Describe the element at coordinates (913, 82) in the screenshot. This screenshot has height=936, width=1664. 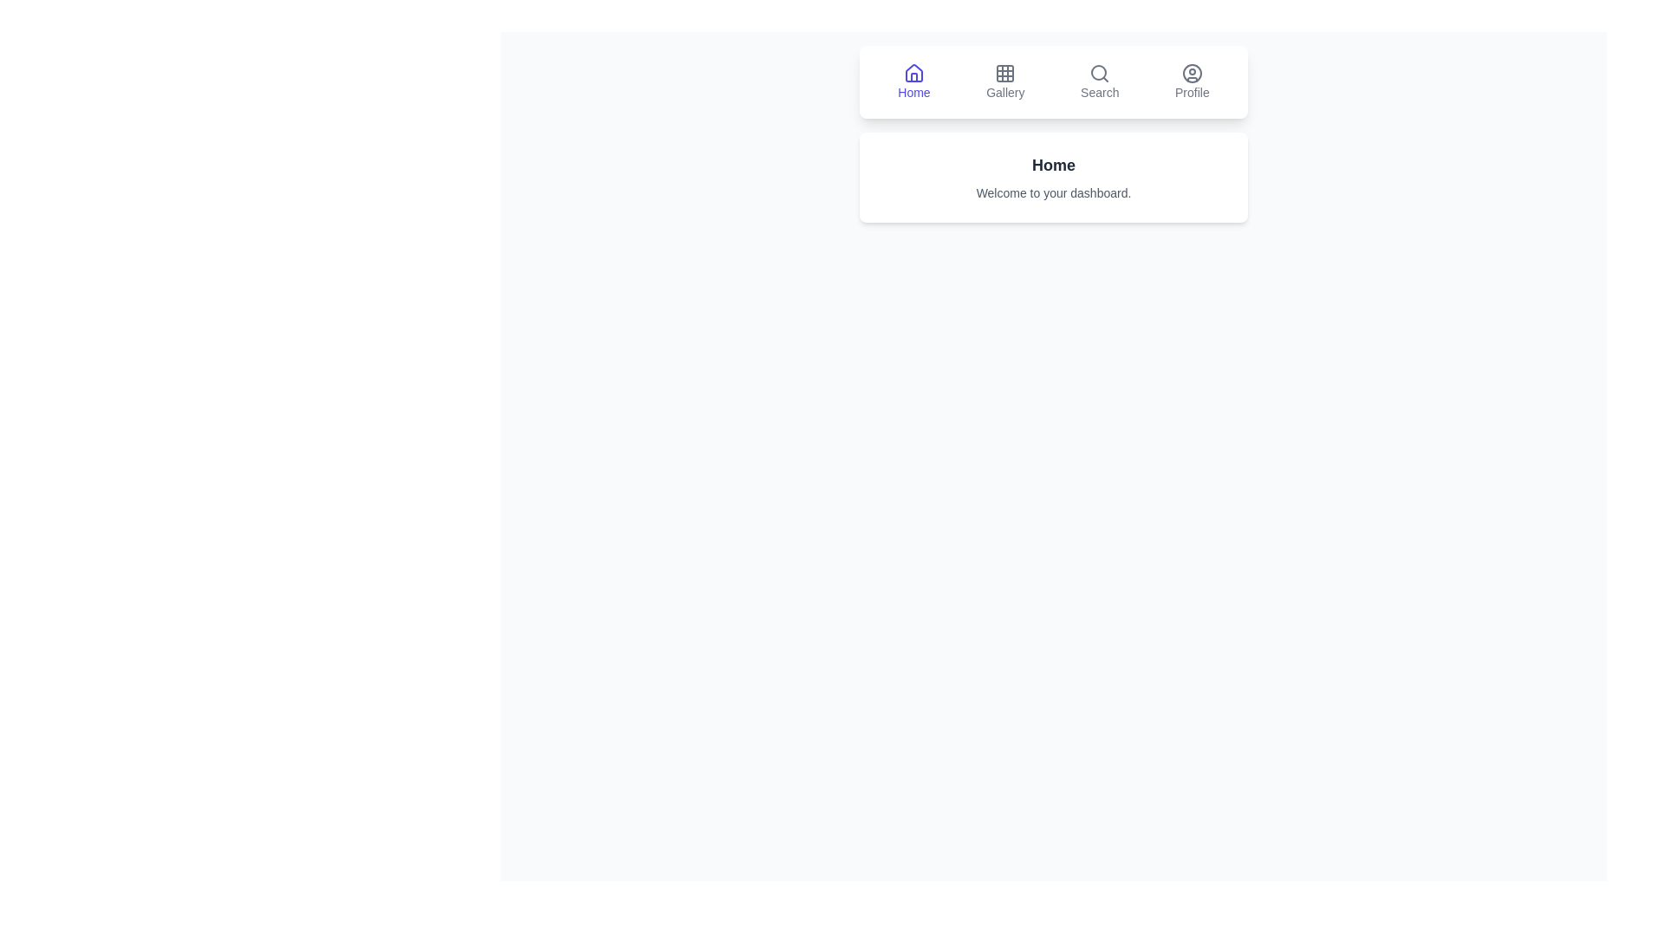
I see `the icon labeled Home in the navigation bar` at that location.